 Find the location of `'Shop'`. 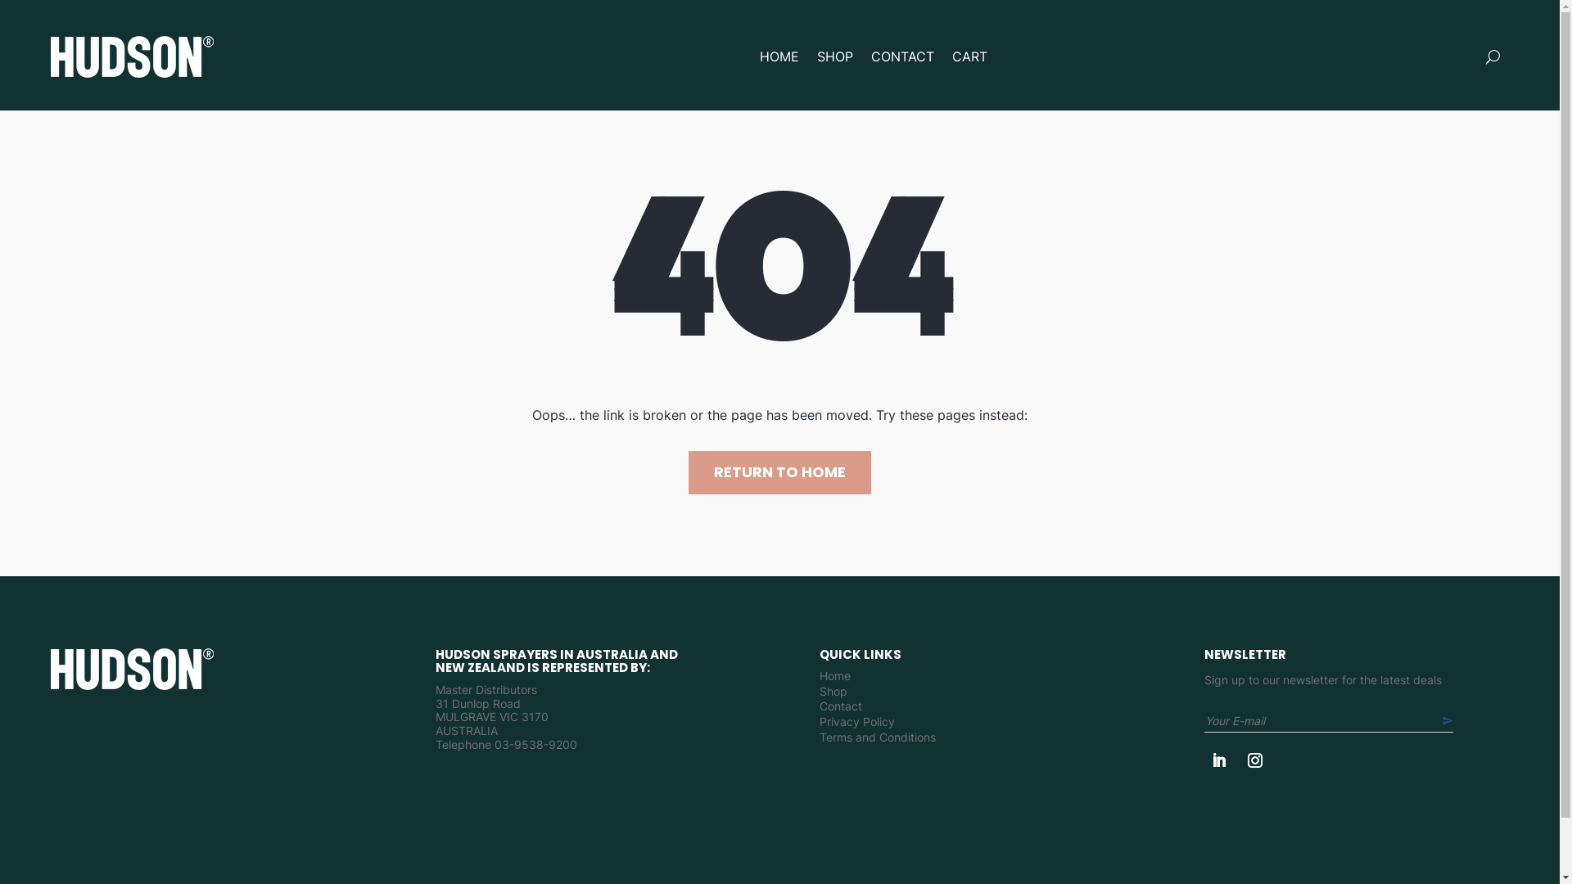

'Shop' is located at coordinates (833, 695).